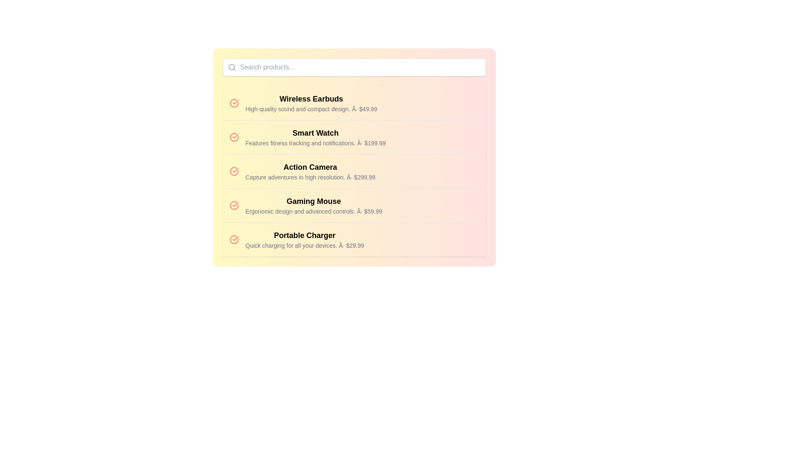 The width and height of the screenshot is (809, 455). I want to click on the informational text block displaying details about the 'Gaming Mouse', which is the fourth product listing in the vertical stack, so click(313, 206).